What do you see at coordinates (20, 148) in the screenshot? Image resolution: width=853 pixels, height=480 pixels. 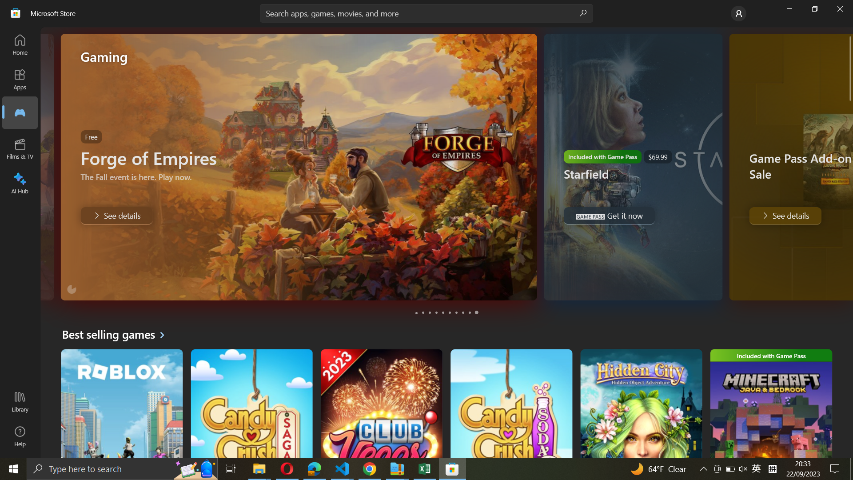 I see `Films & TV category` at bounding box center [20, 148].